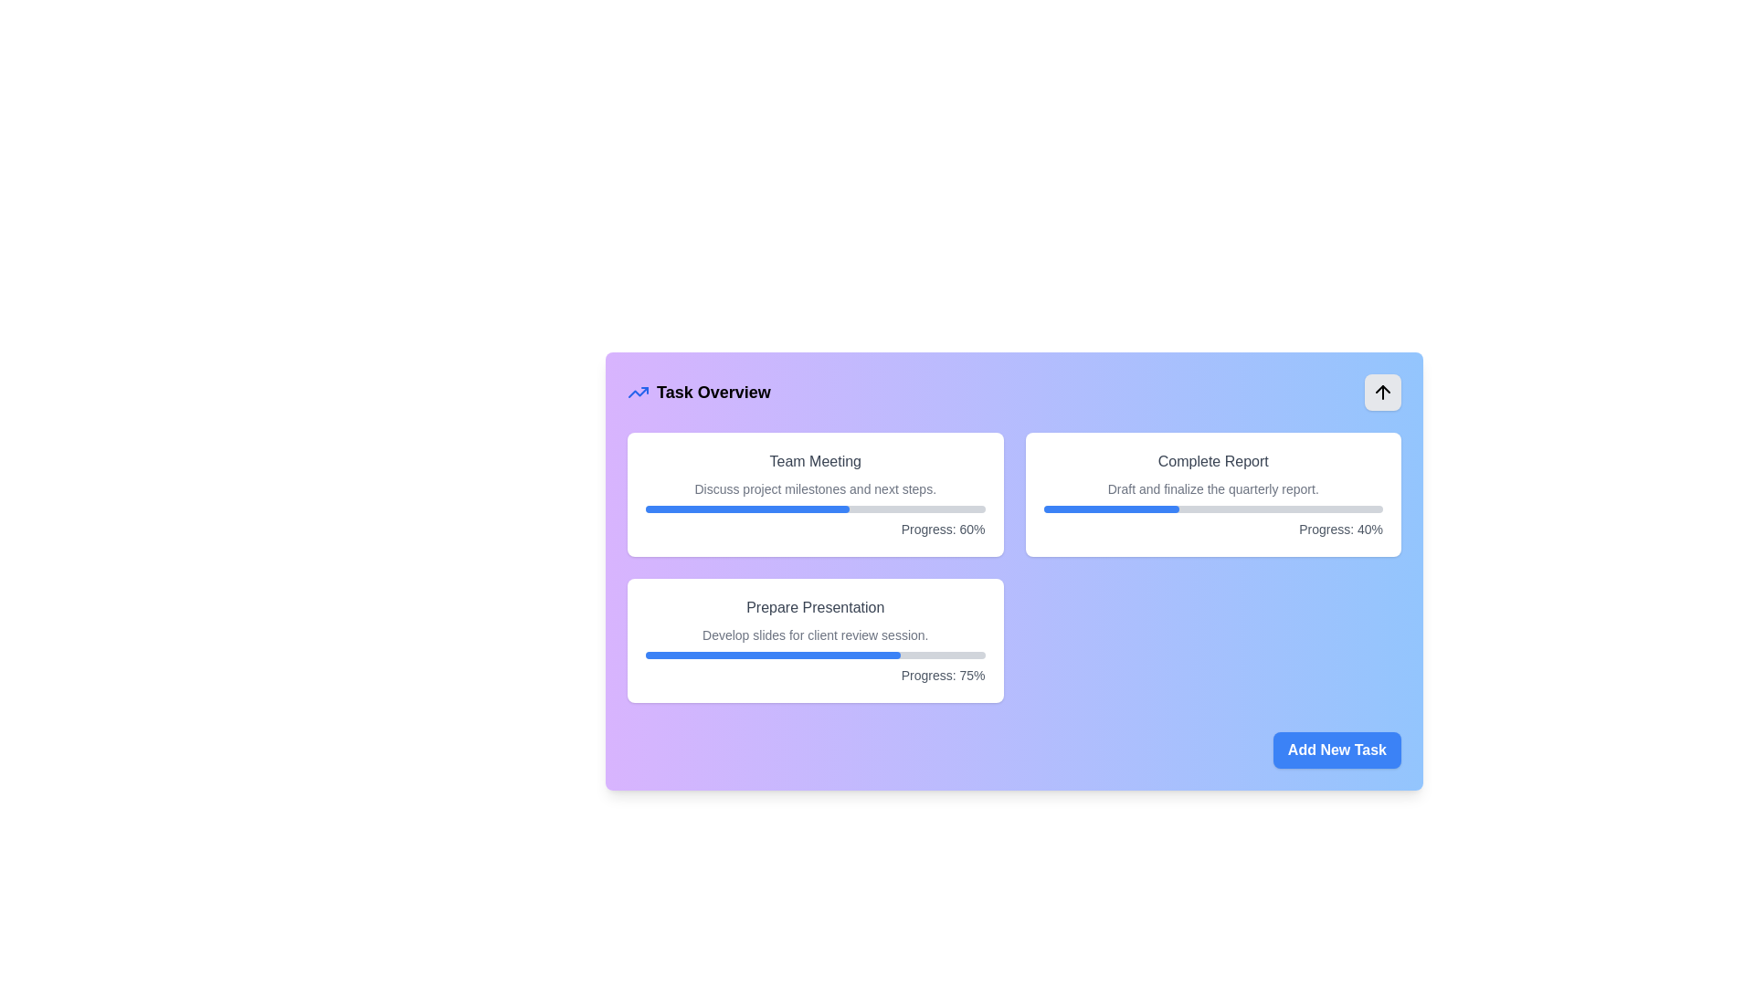  I want to click on the descriptive text label providing details for the task 'Complete Report', which is positioned below the title and above the progress bar, so click(1213, 488).